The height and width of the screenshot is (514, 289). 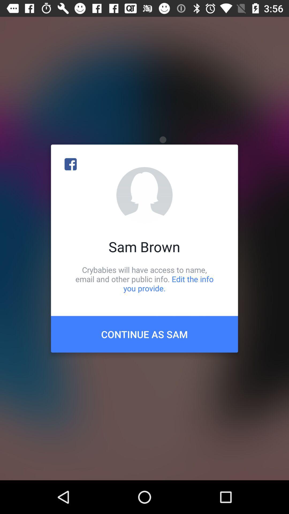 I want to click on the continue as sam icon, so click(x=144, y=334).